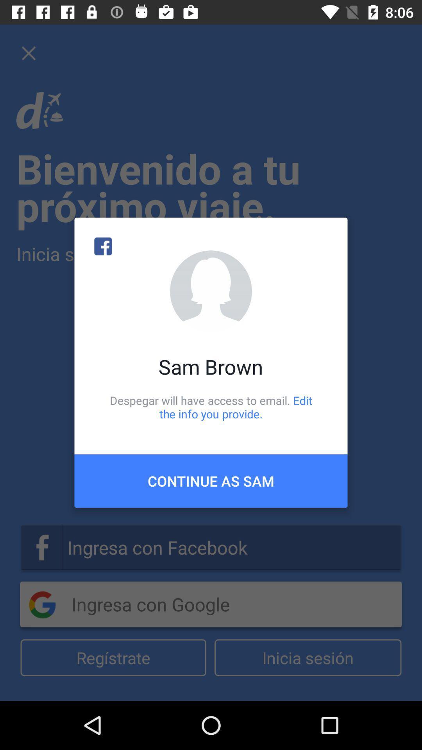  Describe the element at coordinates (211, 407) in the screenshot. I see `despegar will have icon` at that location.